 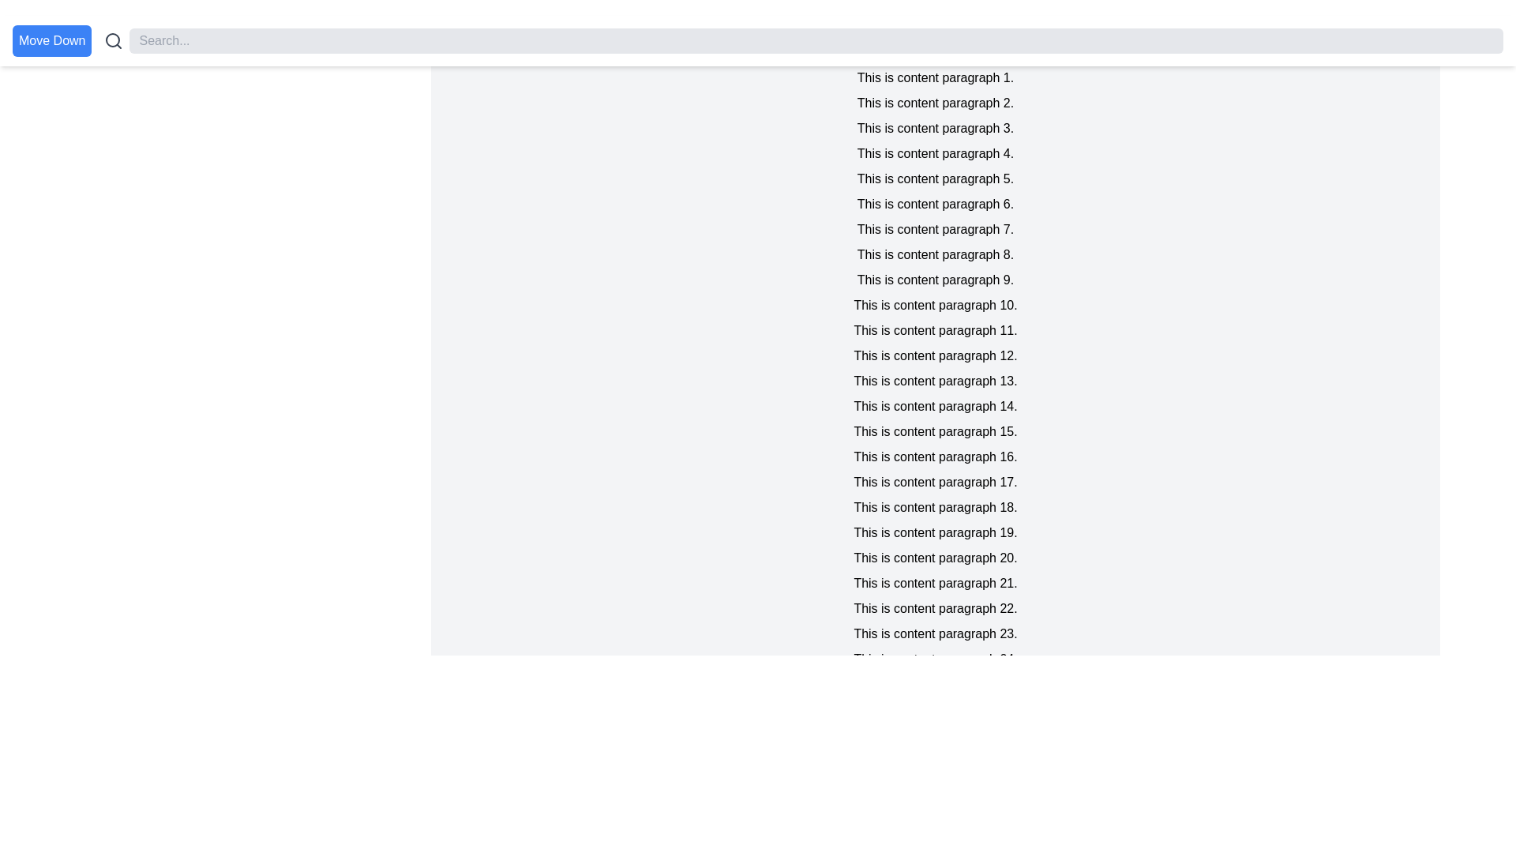 What do you see at coordinates (936, 154) in the screenshot?
I see `the fourth paragraph text block that serves as a static representation of information in a sequential list of text blocks` at bounding box center [936, 154].